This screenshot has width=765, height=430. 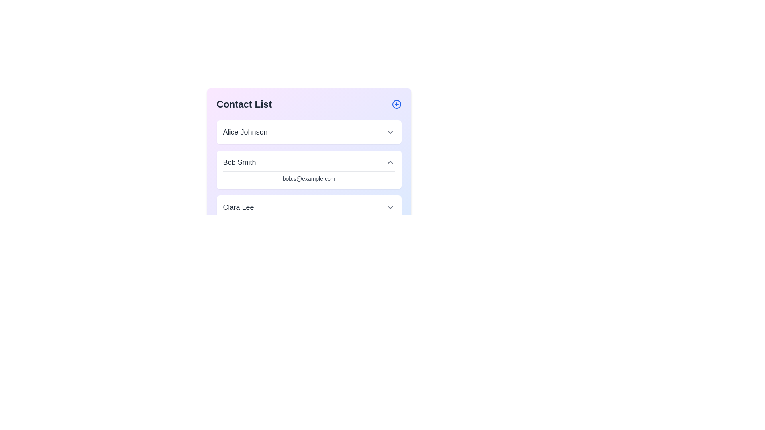 I want to click on the '+' button to add a new contact, so click(x=396, y=104).